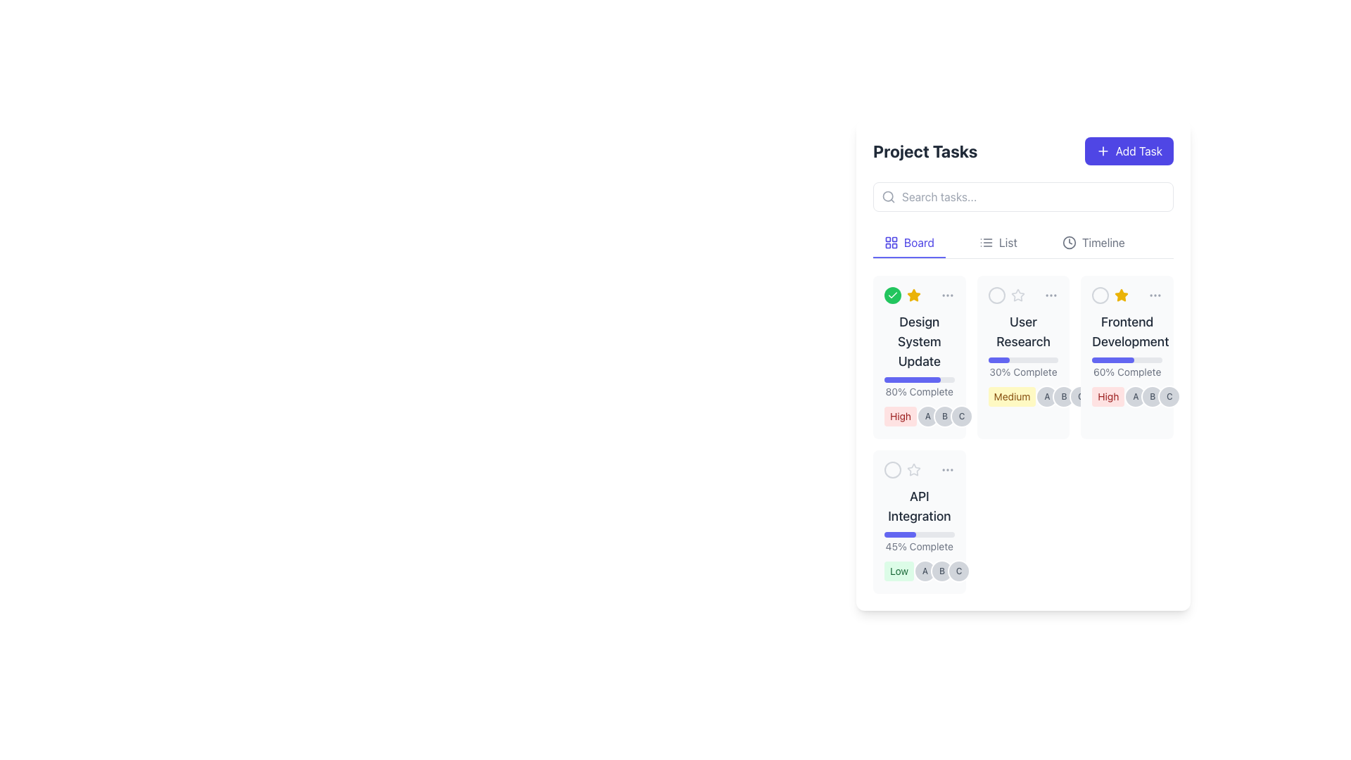  What do you see at coordinates (919, 542) in the screenshot?
I see `the progress indicator with textual label located within the 'API Integration' card, positioned towards the bottom of the card, below the heading and above the 'Low' label and avatars section` at bounding box center [919, 542].